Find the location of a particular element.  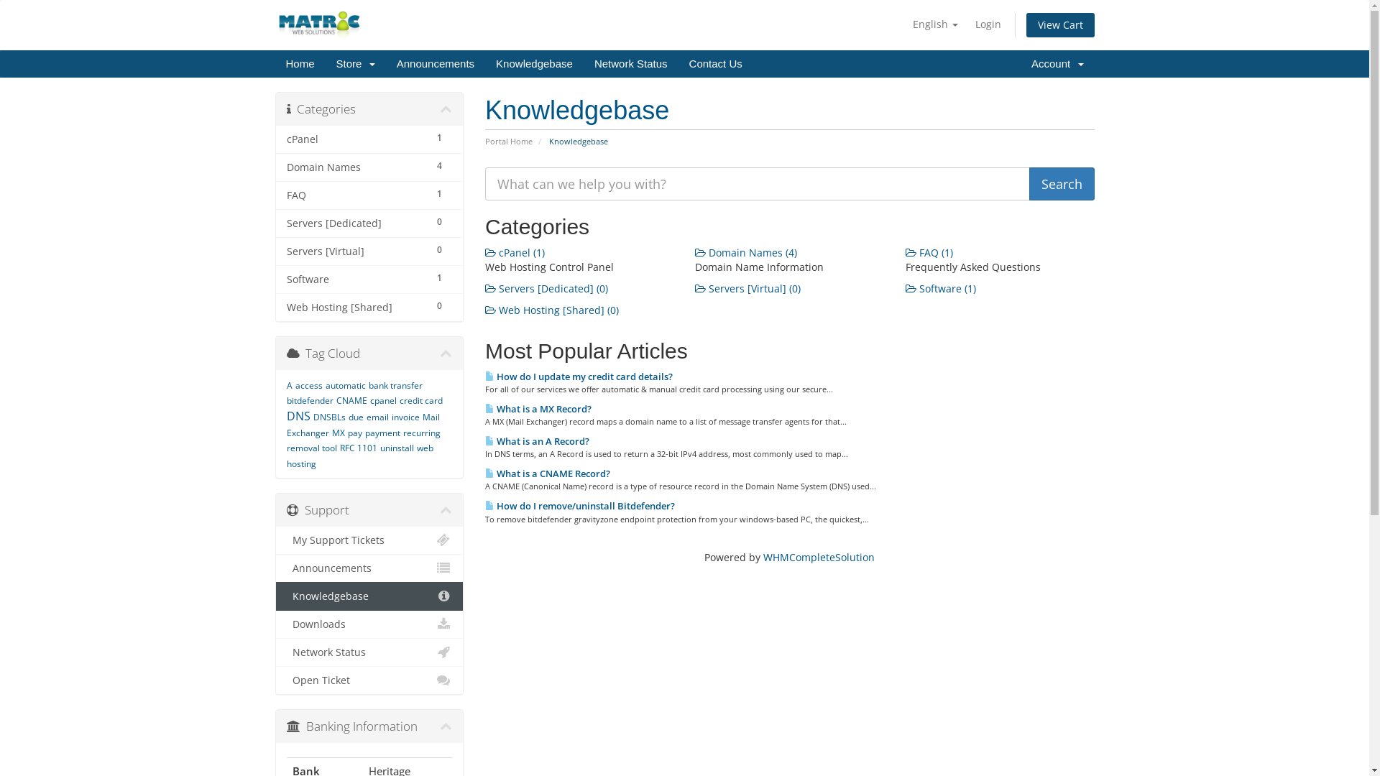

'4 is located at coordinates (369, 166).